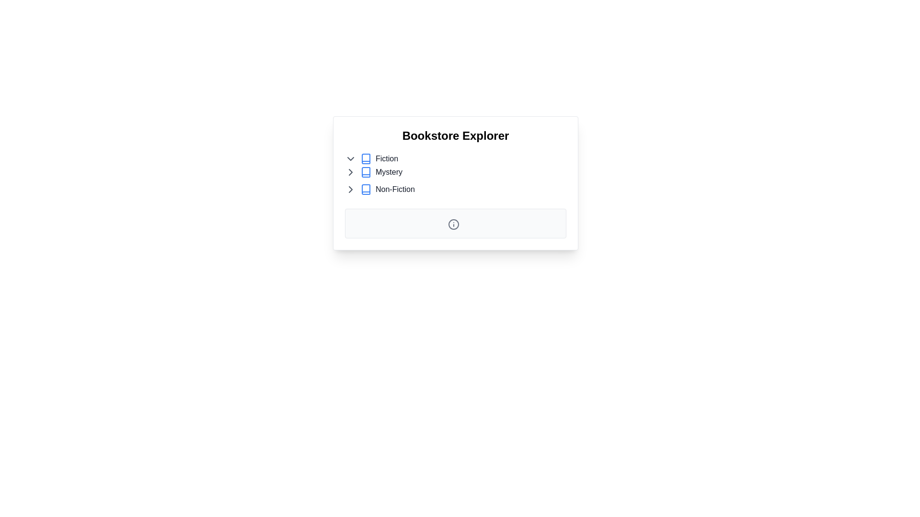  I want to click on the expansion toggle icon for the 'Mystery' category, so click(350, 171).